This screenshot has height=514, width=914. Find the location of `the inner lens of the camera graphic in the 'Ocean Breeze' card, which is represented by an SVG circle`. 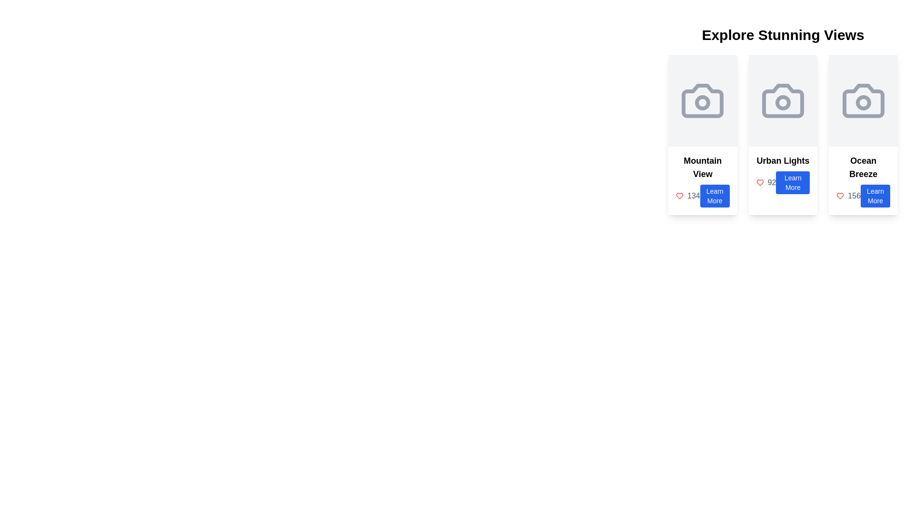

the inner lens of the camera graphic in the 'Ocean Breeze' card, which is represented by an SVG circle is located at coordinates (863, 103).